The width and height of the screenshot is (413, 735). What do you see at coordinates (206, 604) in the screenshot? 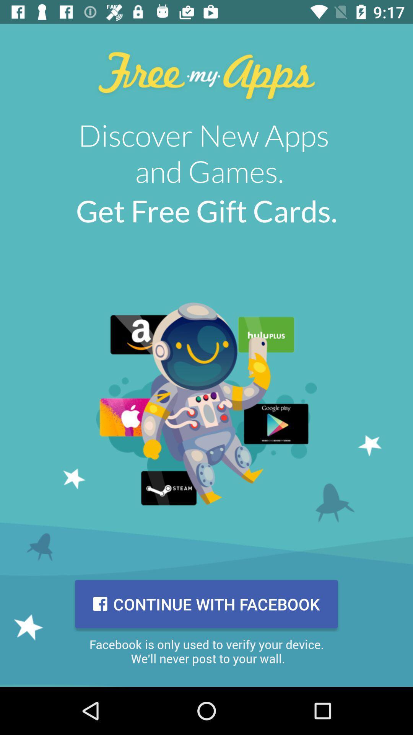
I see `the continue with facebook` at bounding box center [206, 604].